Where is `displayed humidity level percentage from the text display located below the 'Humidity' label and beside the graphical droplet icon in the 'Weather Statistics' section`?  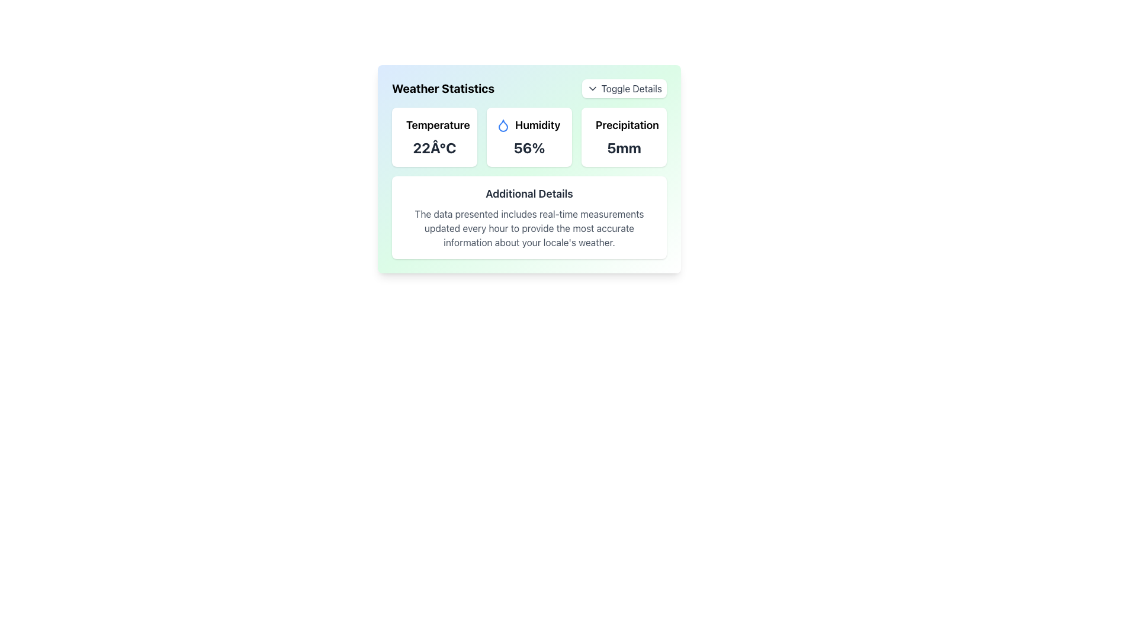
displayed humidity level percentage from the text display located below the 'Humidity' label and beside the graphical droplet icon in the 'Weather Statistics' section is located at coordinates (528, 147).